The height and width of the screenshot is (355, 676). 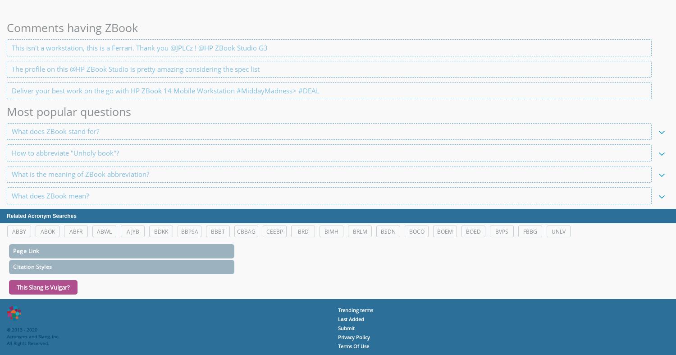 What do you see at coordinates (41, 216) in the screenshot?
I see `'Related Acronym Searches'` at bounding box center [41, 216].